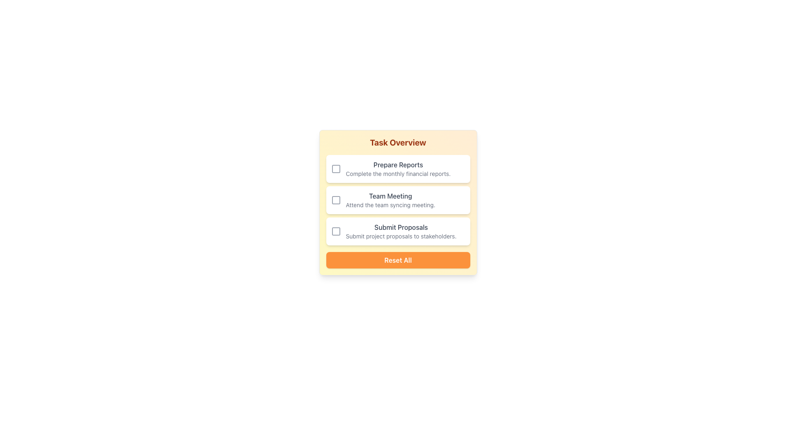  Describe the element at coordinates (401, 227) in the screenshot. I see `the title text of the third task item in the task list, which provides a description of its purpose and is located below the 'Team Meeting' task item` at that location.